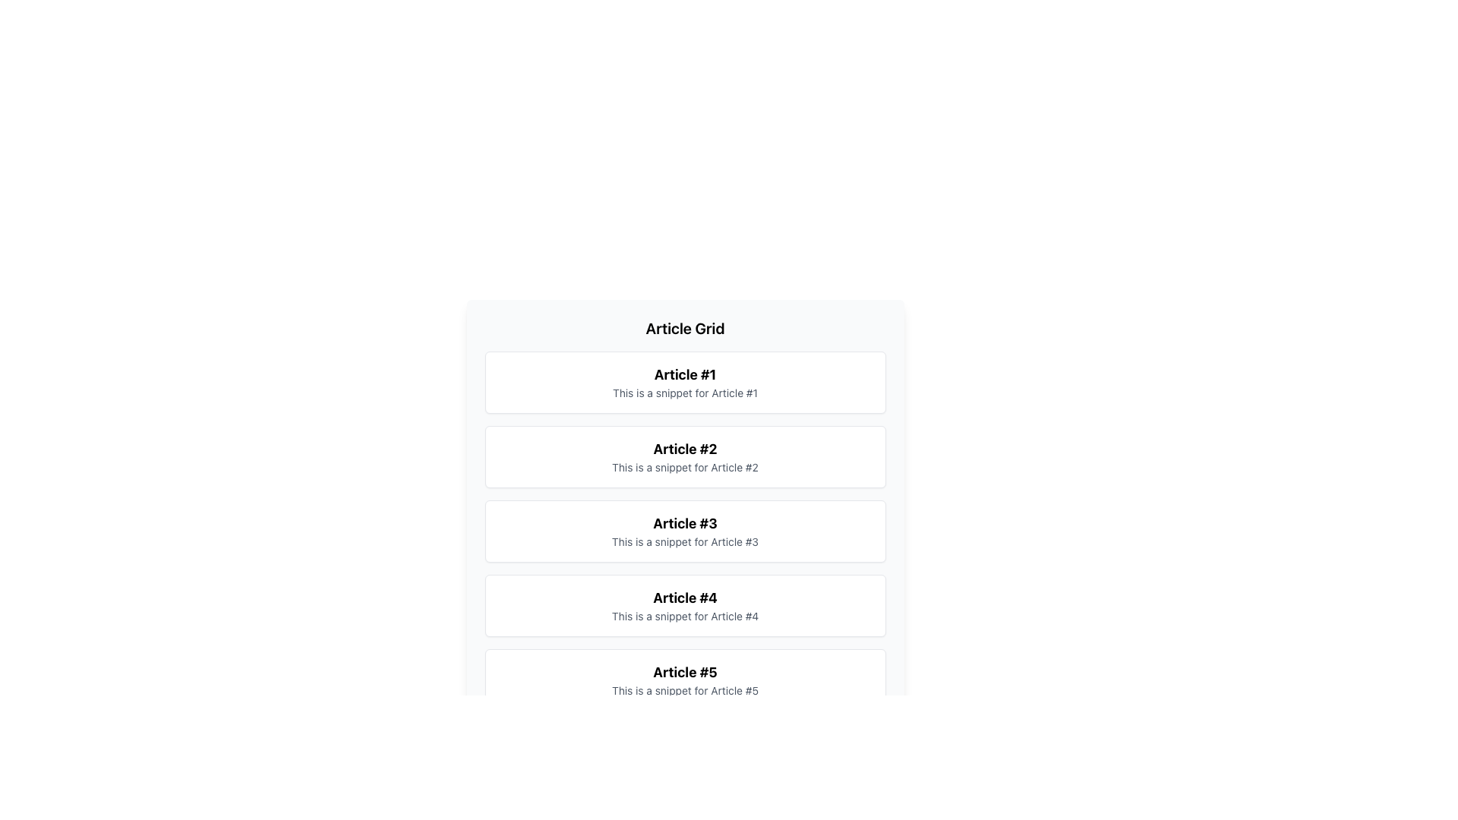  Describe the element at coordinates (684, 374) in the screenshot. I see `the Header text element that identifies 'Article #1', located directly above its associated snippet text` at that location.